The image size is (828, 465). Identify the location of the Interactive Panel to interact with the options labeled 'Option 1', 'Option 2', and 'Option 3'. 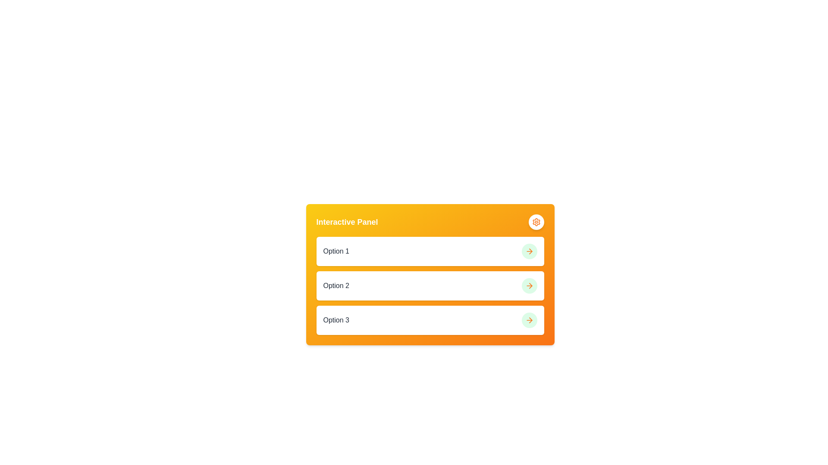
(430, 274).